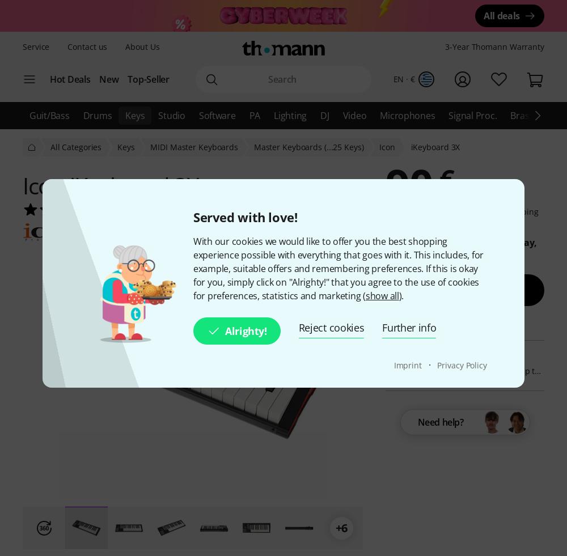 The height and width of the screenshot is (556, 567). I want to click on 'Bargains', so click(49, 105).